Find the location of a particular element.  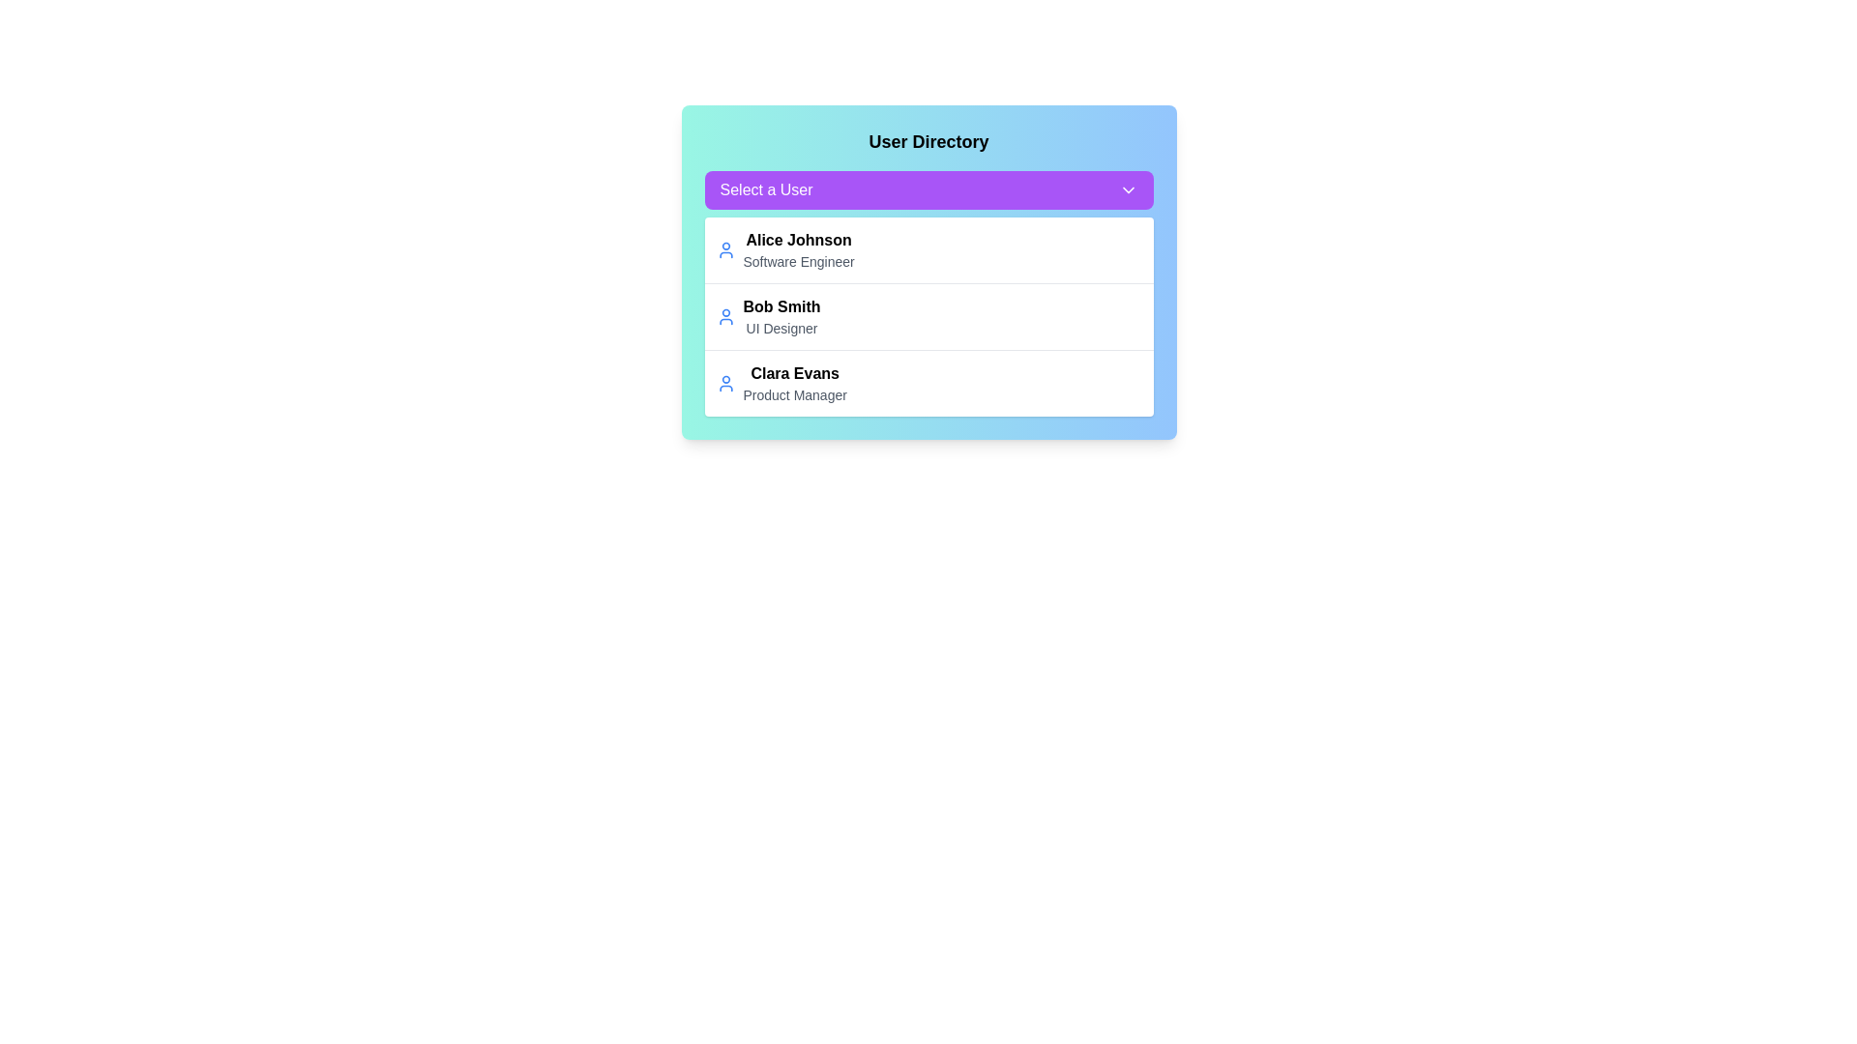

the blue circular avatar icon representing the user, located to the left of the text 'Bob Smith UI Designer' in the second user row of the user directory is located at coordinates (724, 315).